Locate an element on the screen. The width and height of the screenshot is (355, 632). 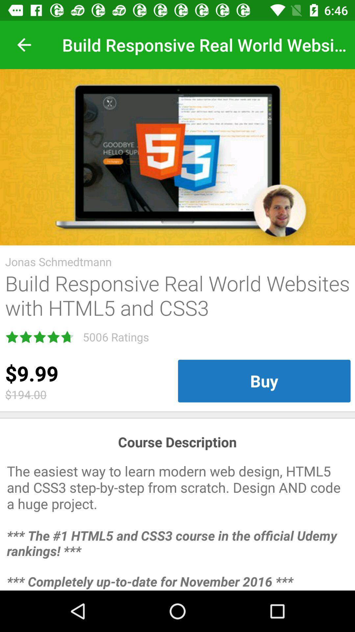
the item to the right of the $9.99 is located at coordinates (264, 381).